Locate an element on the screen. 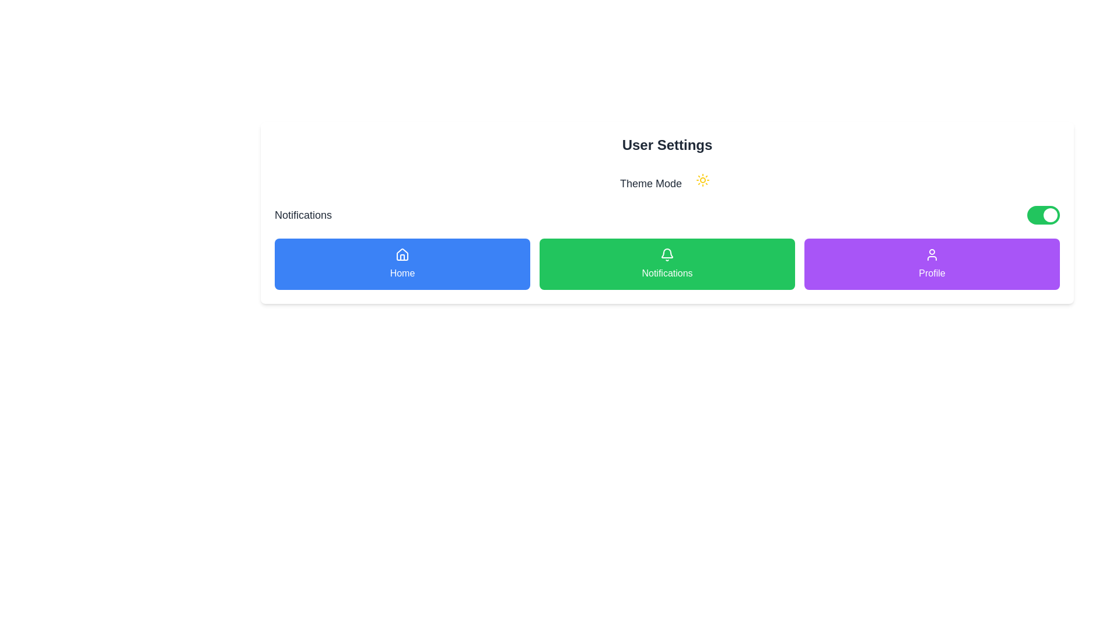  the user icon inside the circular area above the text 'Profile', which is located in the bottom-right corner of the purple button row is located at coordinates (932, 254).